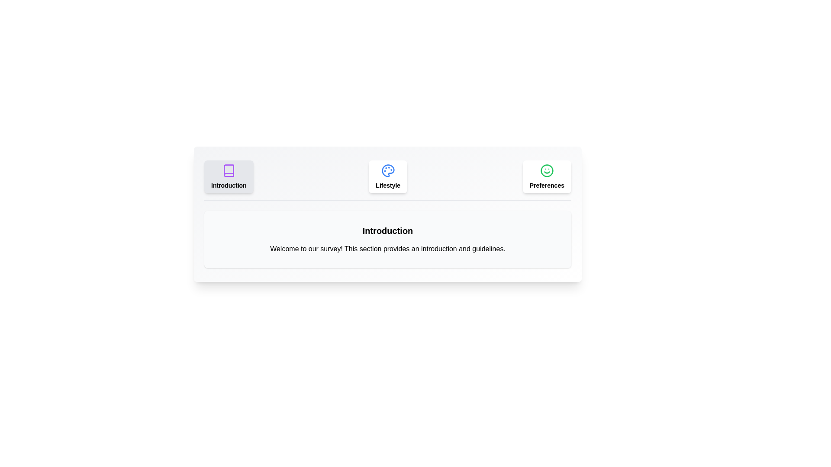 The height and width of the screenshot is (467, 831). I want to click on the section button corresponding to Preferences to navigate to the respective survey section, so click(546, 176).